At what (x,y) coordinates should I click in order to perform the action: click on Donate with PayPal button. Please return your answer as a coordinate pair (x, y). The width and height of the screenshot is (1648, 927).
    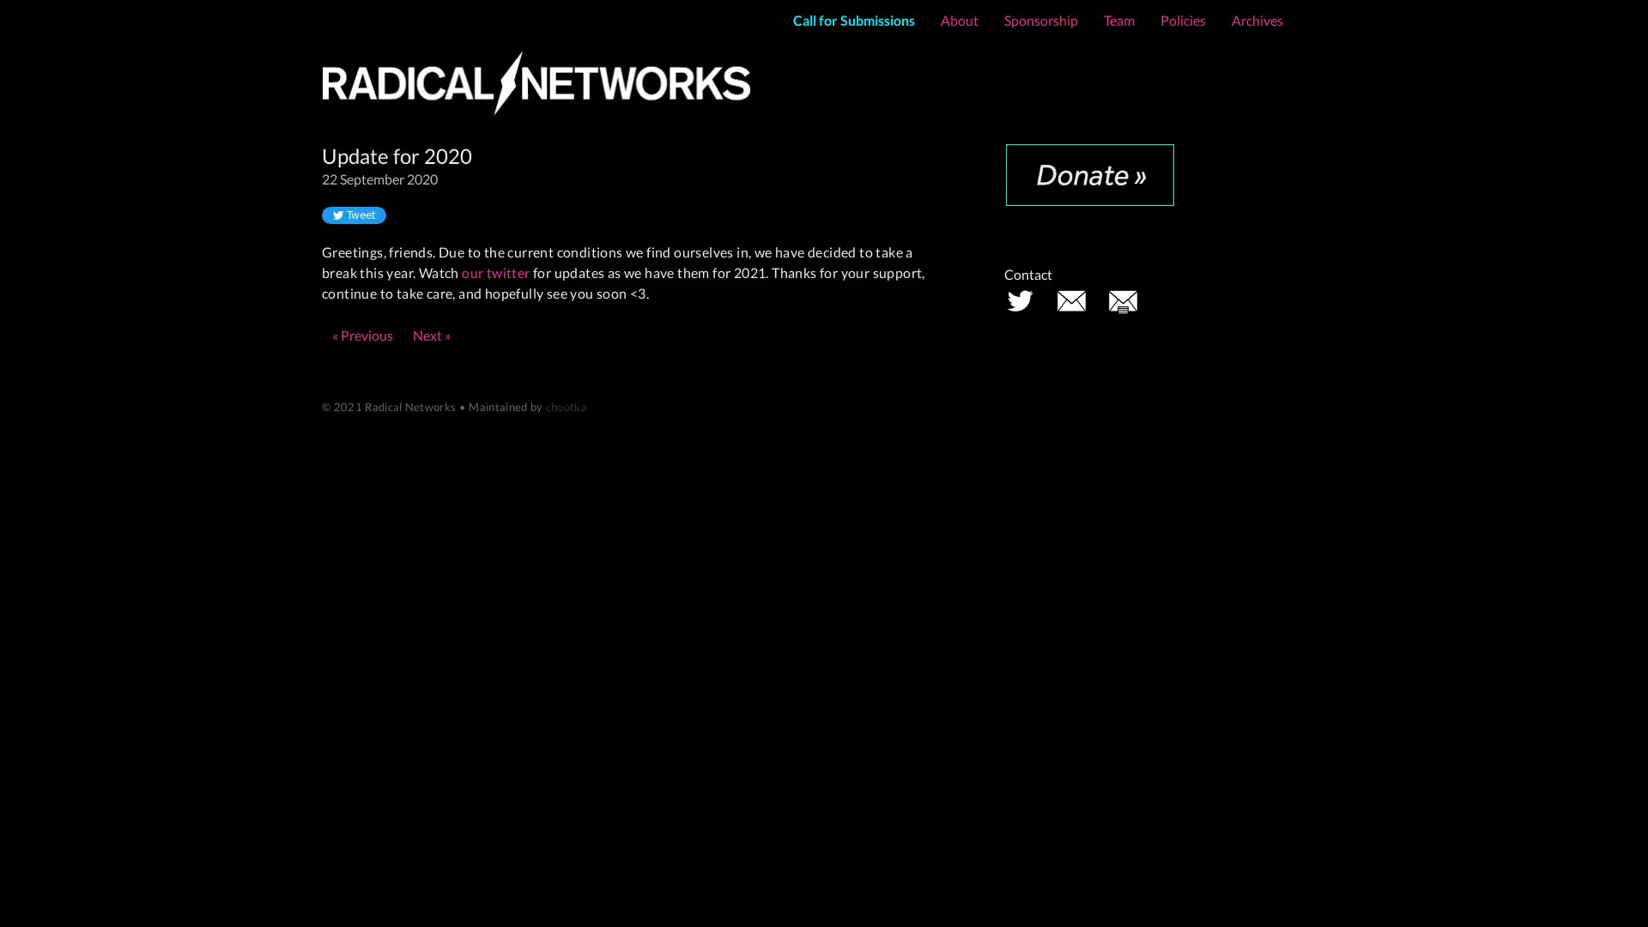
    Looking at the image, I should click on (1089, 175).